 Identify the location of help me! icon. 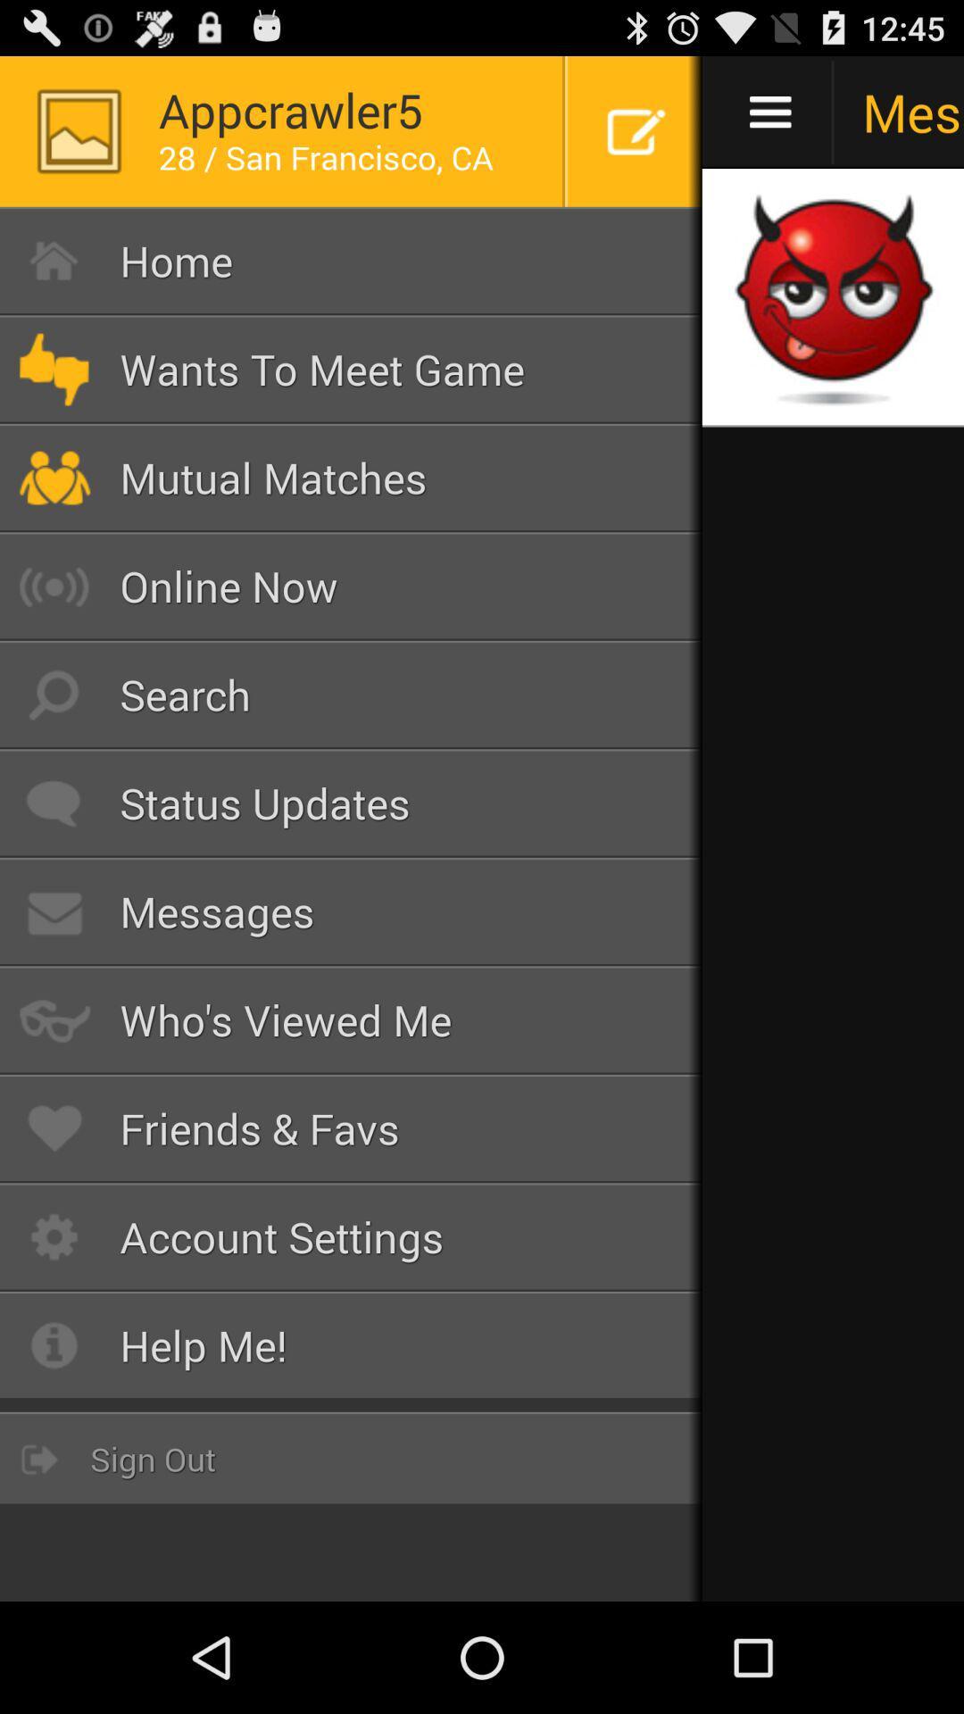
(351, 1345).